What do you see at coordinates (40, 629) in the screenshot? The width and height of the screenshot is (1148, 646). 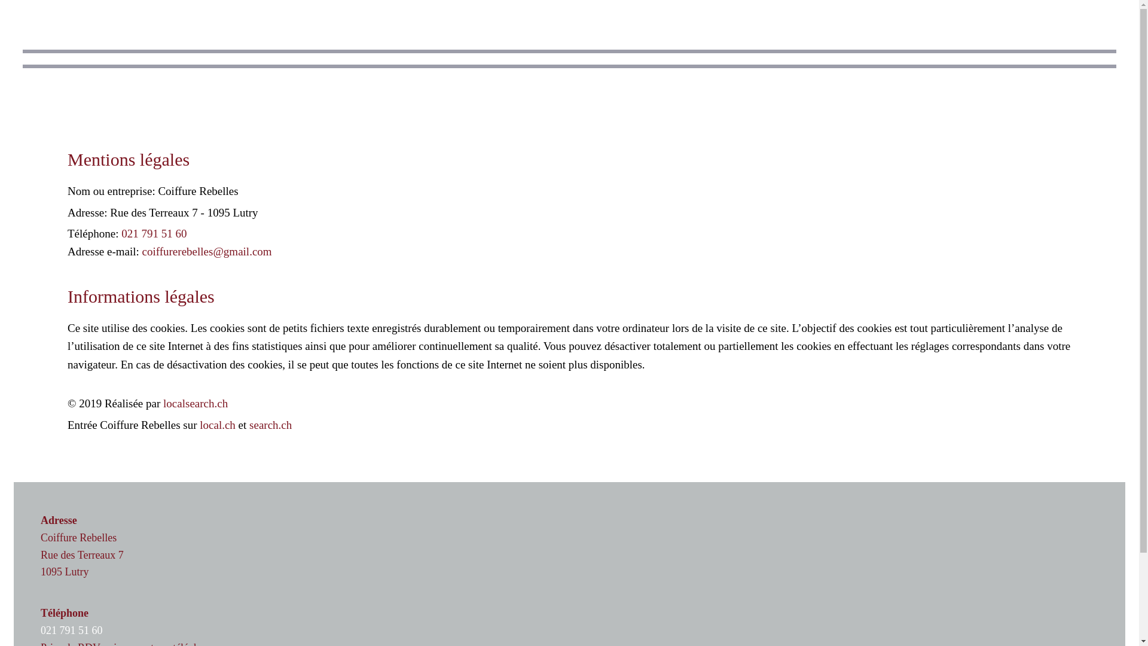 I see `'021 791 51 60'` at bounding box center [40, 629].